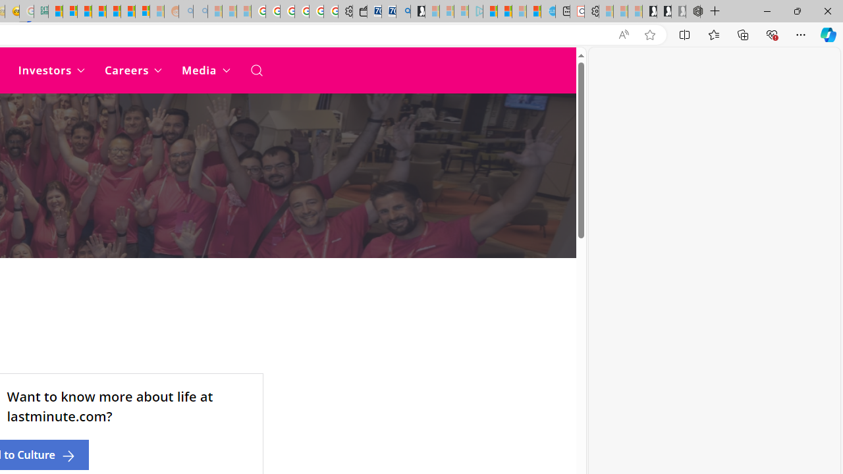 This screenshot has width=843, height=474. I want to click on 'Split screen', so click(685, 34).